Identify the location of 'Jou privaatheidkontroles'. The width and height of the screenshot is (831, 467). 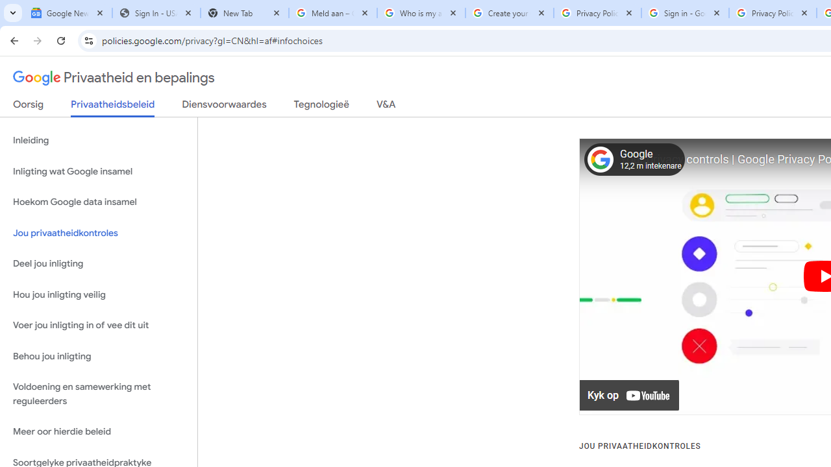
(98, 232).